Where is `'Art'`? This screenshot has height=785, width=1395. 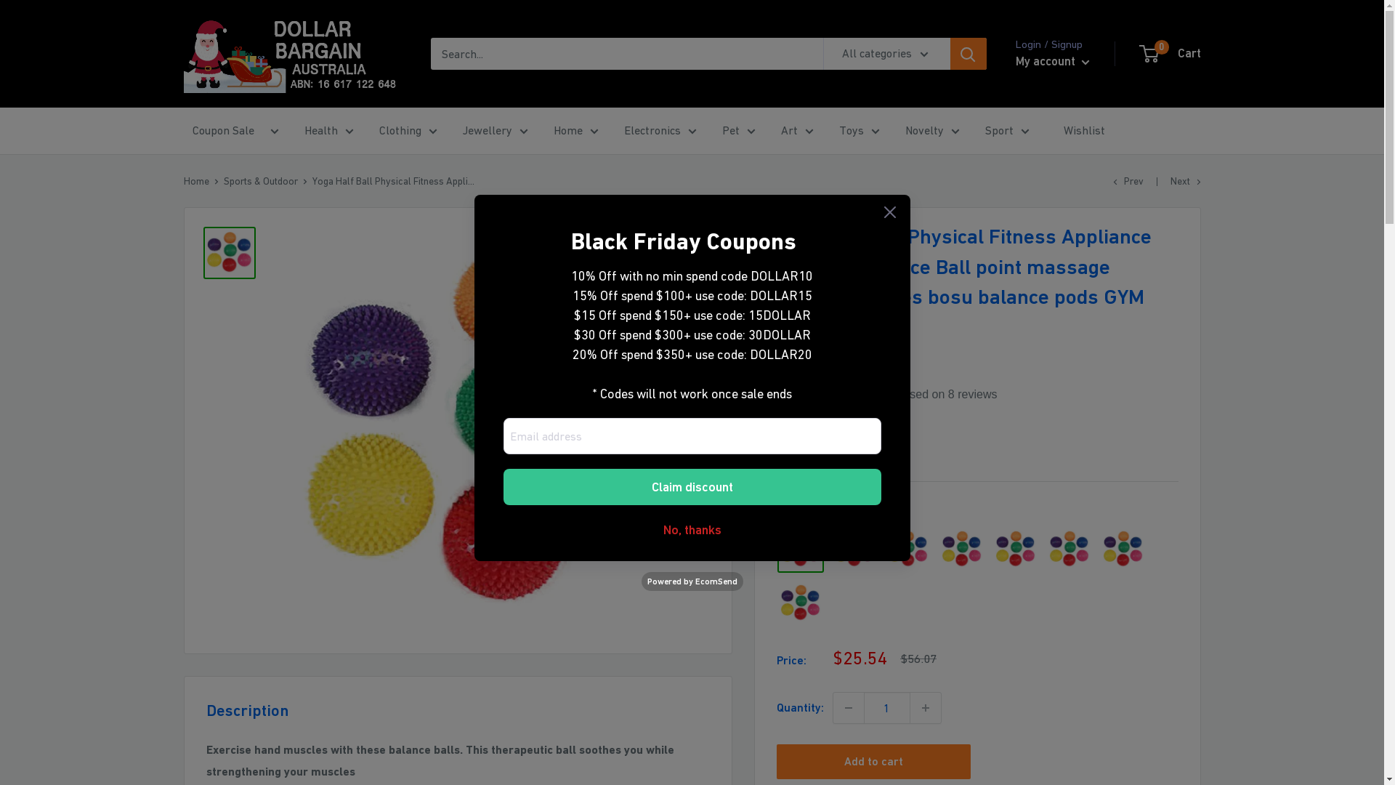
'Art' is located at coordinates (796, 131).